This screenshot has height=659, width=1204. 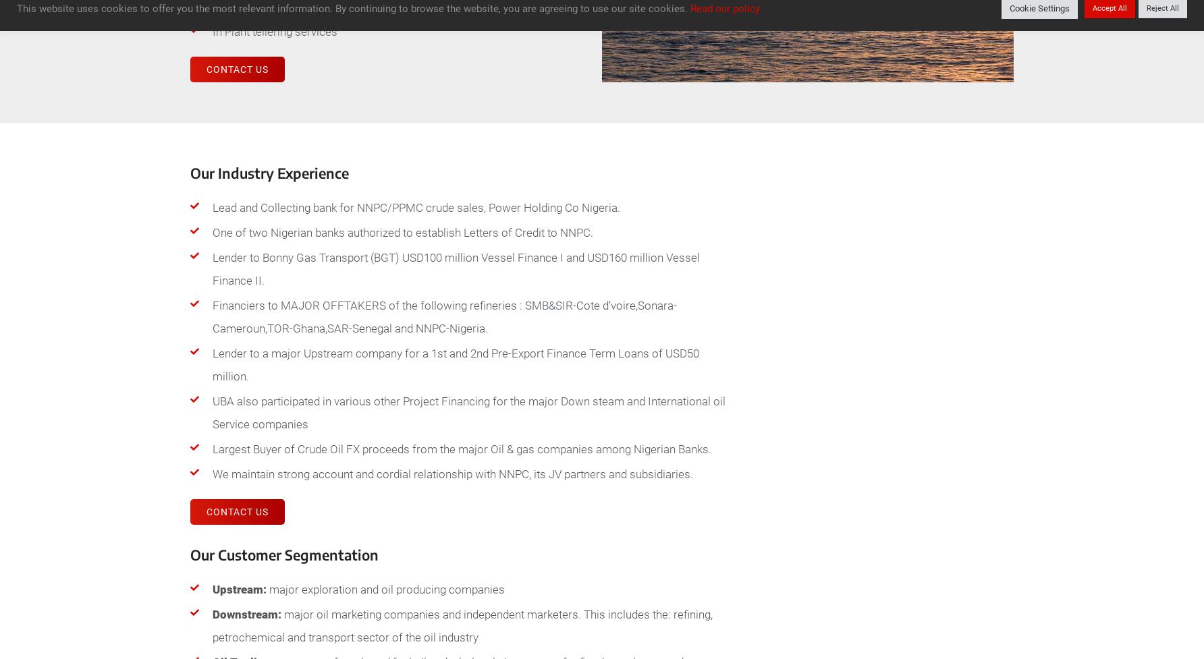 I want to click on 'major oil marketing companies and independent marketers. This includes the: refining, petrochemical and transport sector of the oil industry', so click(x=462, y=625).